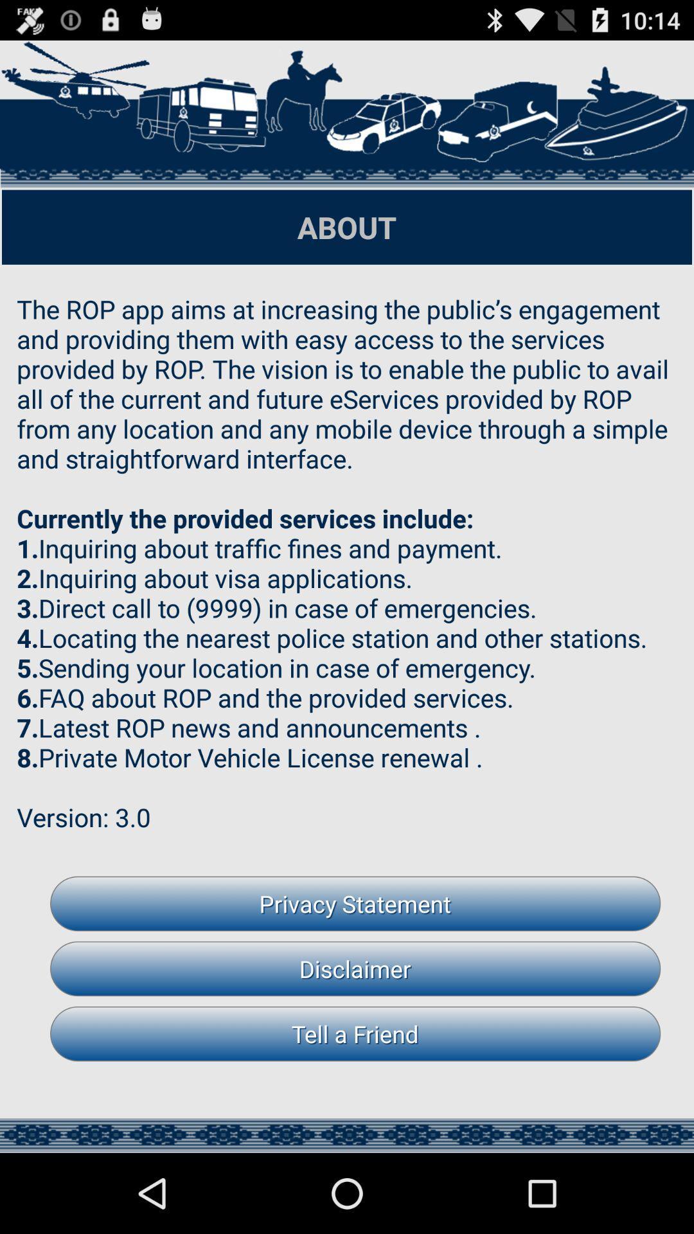  What do you see at coordinates (355, 1033) in the screenshot?
I see `tell a friend button` at bounding box center [355, 1033].